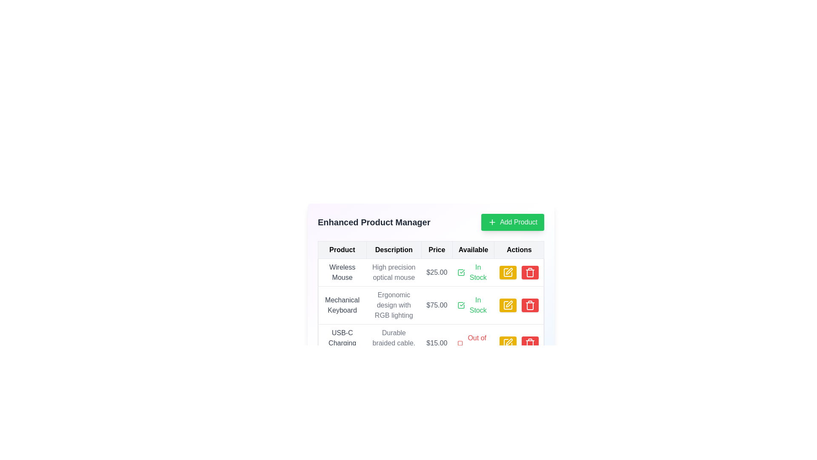  What do you see at coordinates (437, 343) in the screenshot?
I see `the static text label displaying the price of the USB-C charging cable, which is located in the last row of the product list under the 'Price' column` at bounding box center [437, 343].